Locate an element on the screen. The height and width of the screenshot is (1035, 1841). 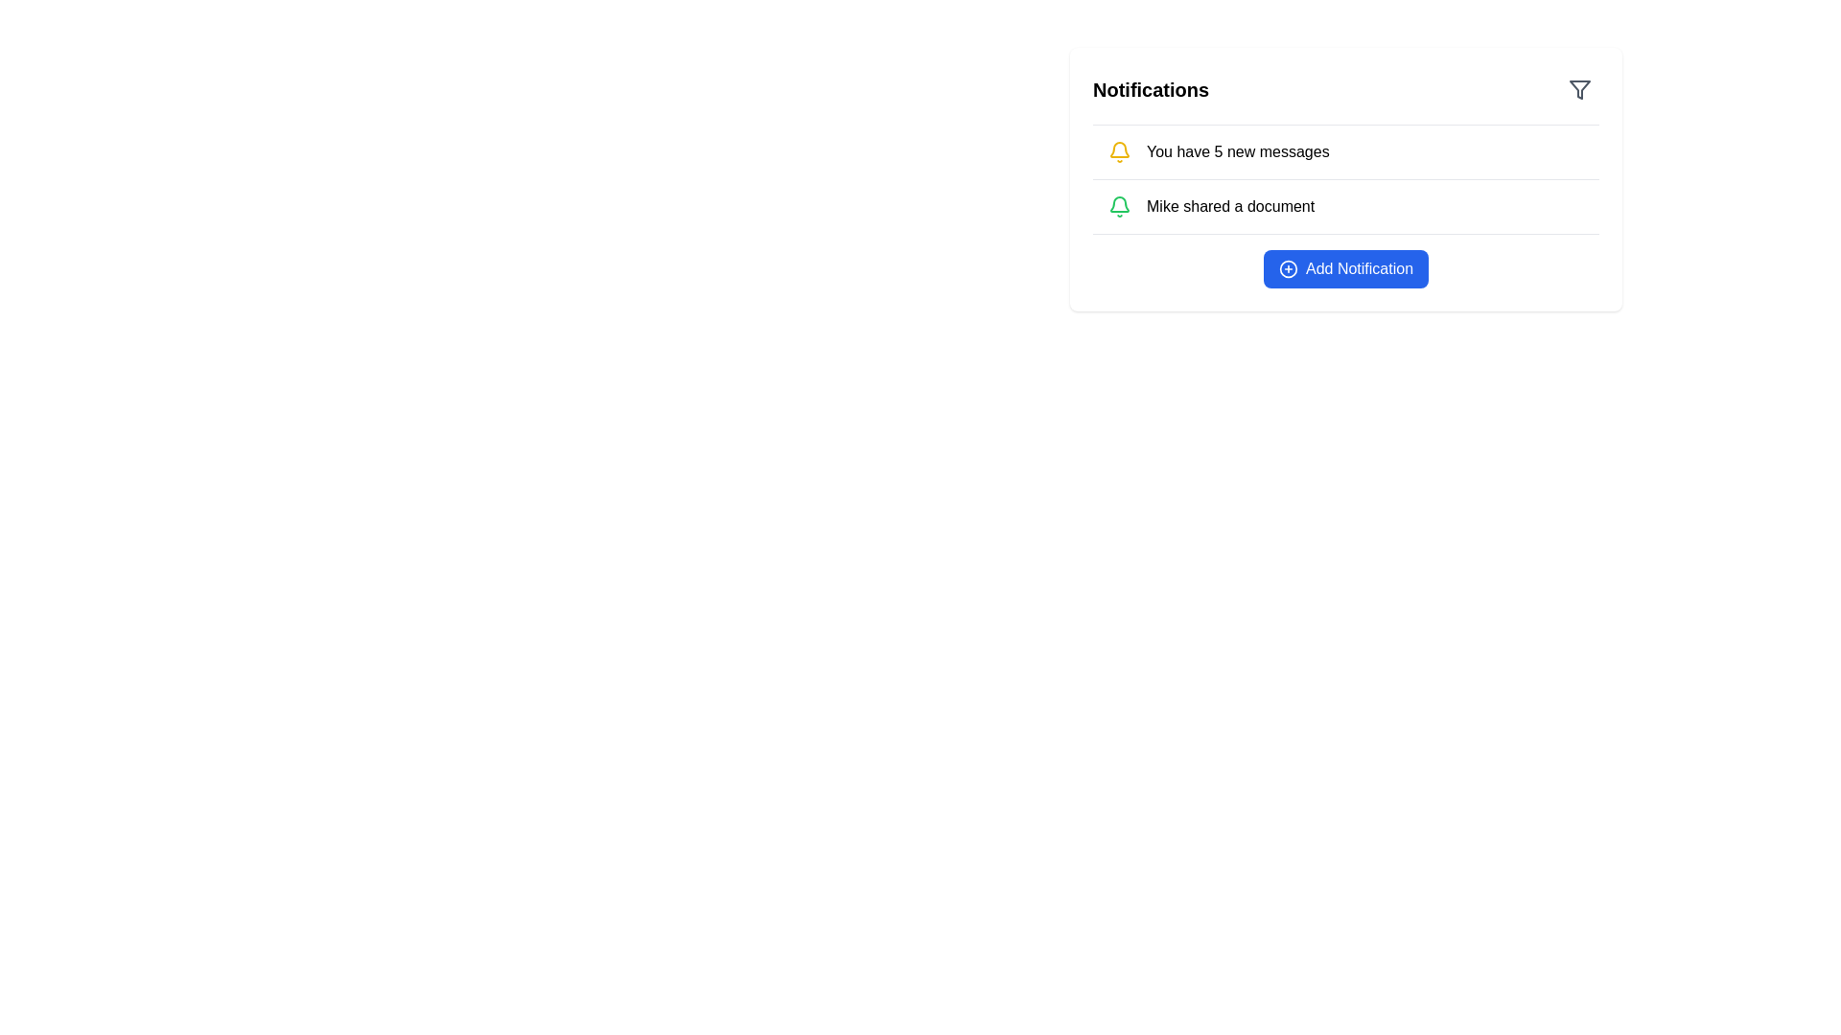
the Header text element that displays 'Notifications' to indicate the purpose of the section is located at coordinates (1151, 89).